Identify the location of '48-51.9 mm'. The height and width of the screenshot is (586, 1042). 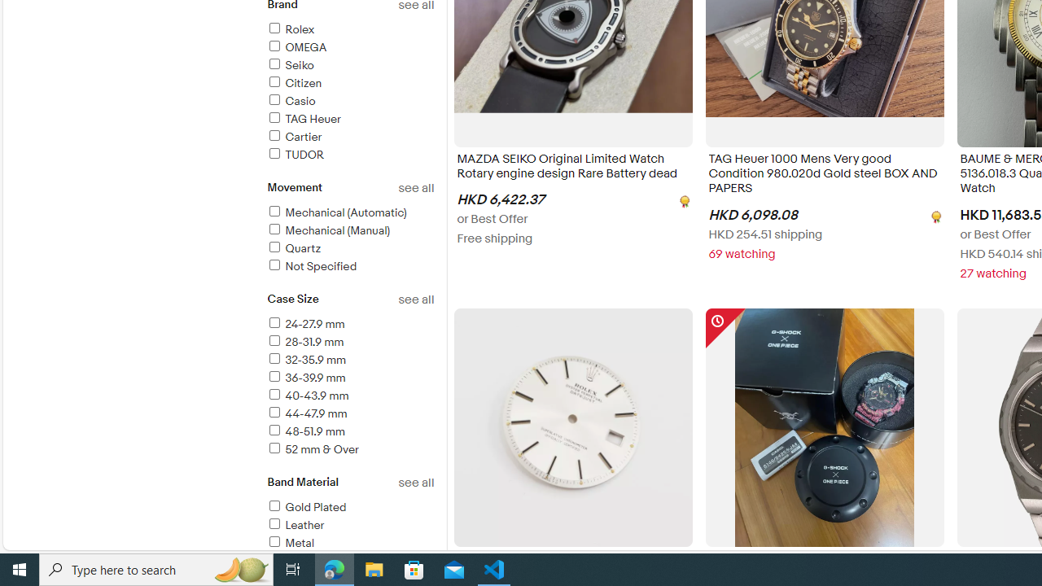
(349, 431).